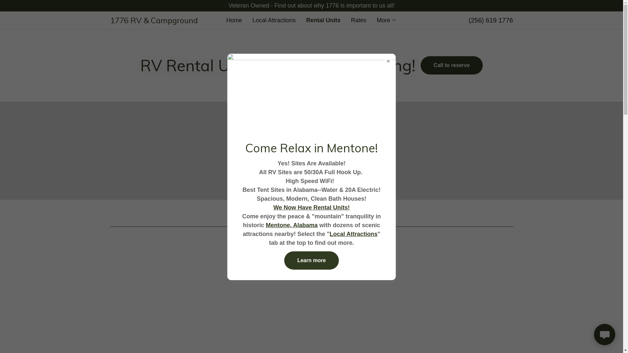  What do you see at coordinates (323, 20) in the screenshot?
I see `'Rental Units'` at bounding box center [323, 20].